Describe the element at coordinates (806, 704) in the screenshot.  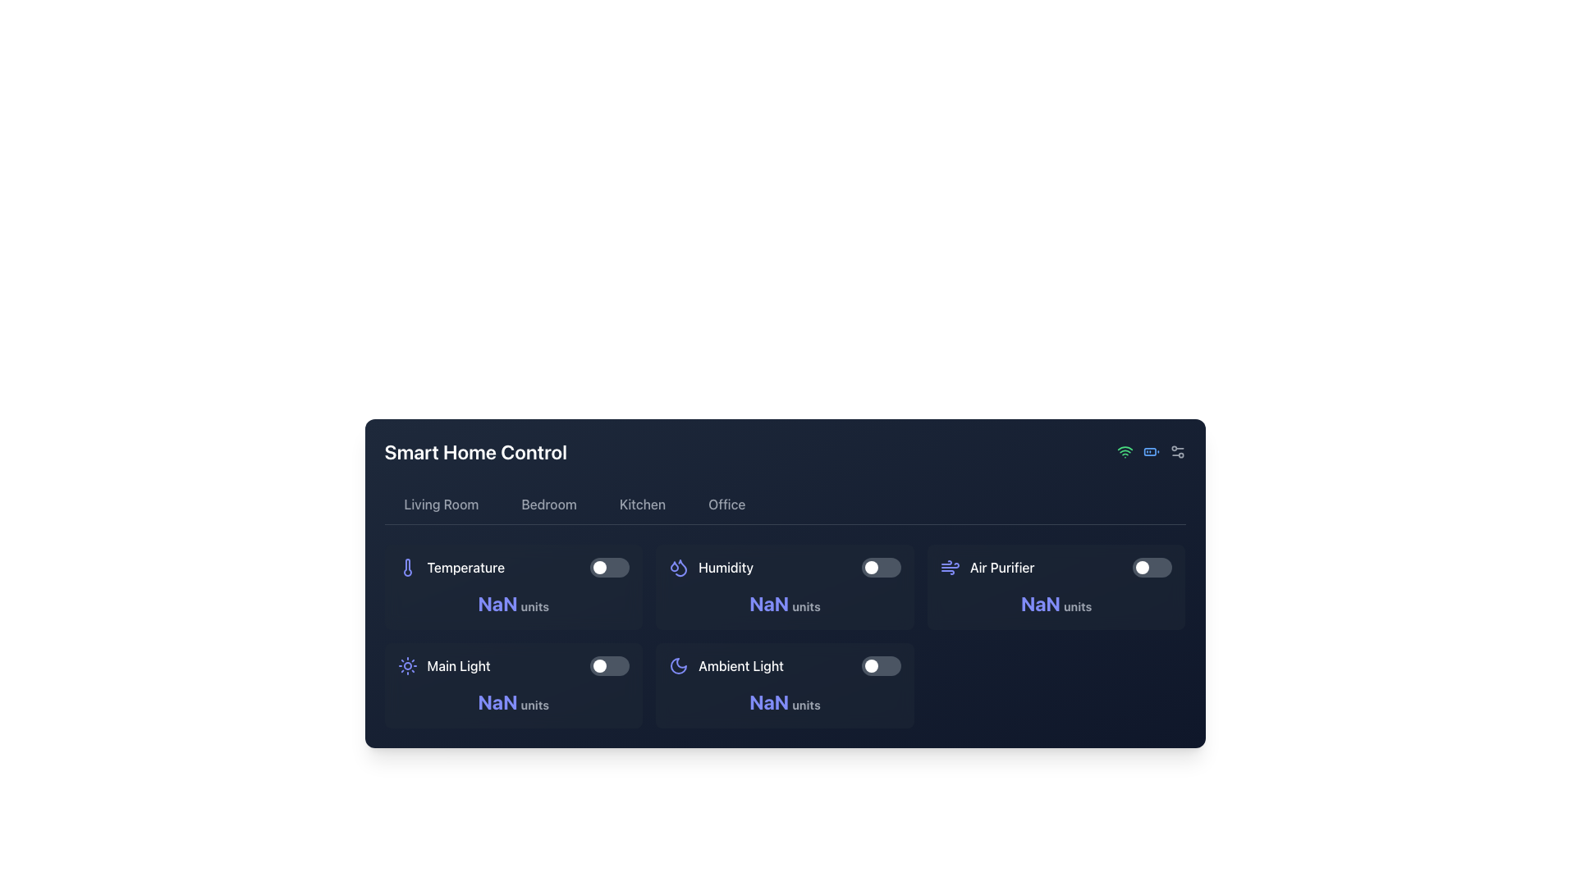
I see `the 'units' text label displayed in gray font, located to the right of the larger blue 'NaN' text within the 'Ambient Light' section of the interface` at that location.